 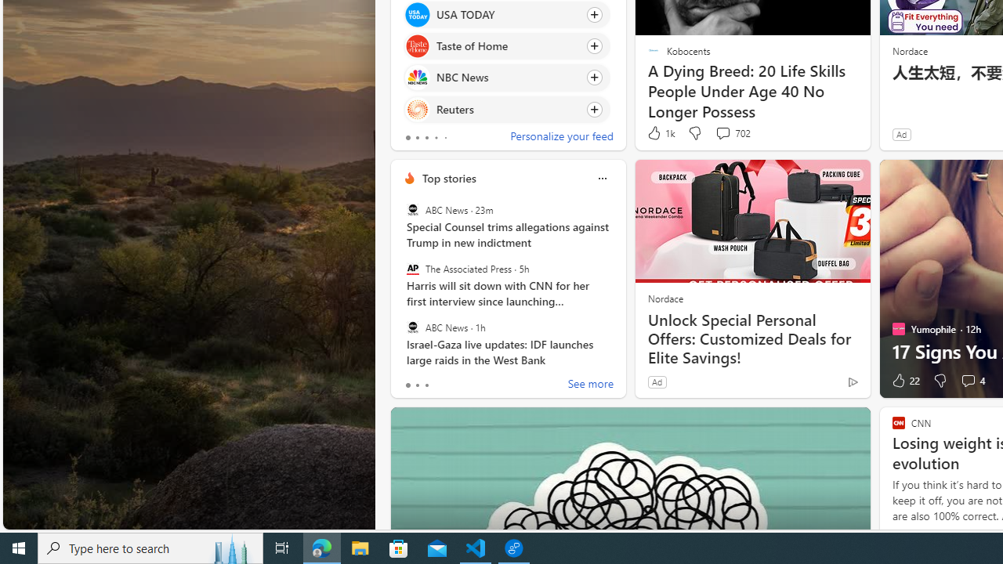 What do you see at coordinates (589, 385) in the screenshot?
I see `'See more'` at bounding box center [589, 385].